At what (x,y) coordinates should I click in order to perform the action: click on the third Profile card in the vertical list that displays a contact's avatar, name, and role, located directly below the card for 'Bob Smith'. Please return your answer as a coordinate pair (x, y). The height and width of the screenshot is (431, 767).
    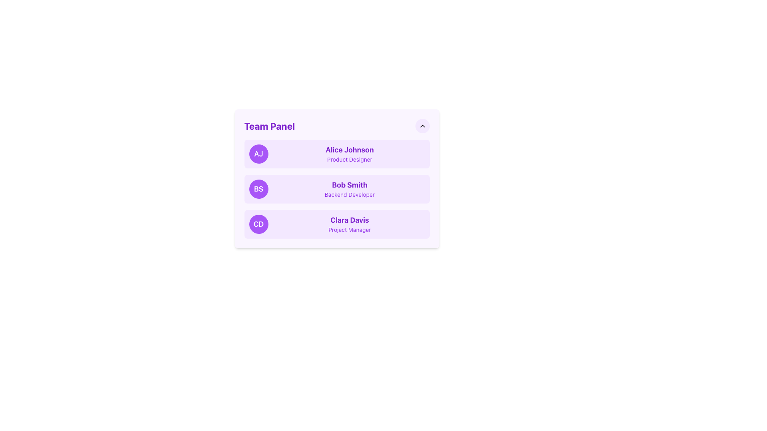
    Looking at the image, I should click on (337, 224).